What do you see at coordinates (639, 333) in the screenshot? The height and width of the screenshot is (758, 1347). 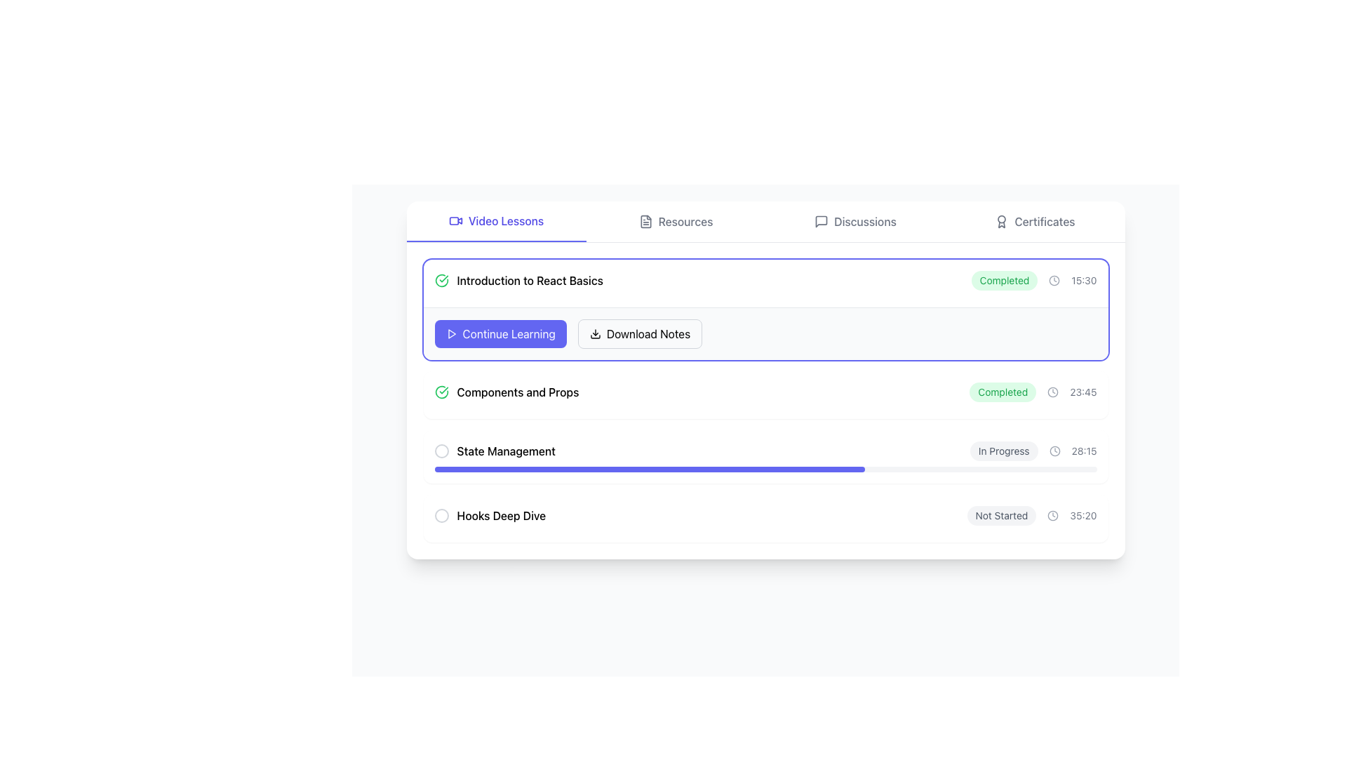 I see `the 'Download Notes' button, which is a rectangular button with a black label on a white background, located to the right of the 'Continue Learning' button, to download the related notes` at bounding box center [639, 333].